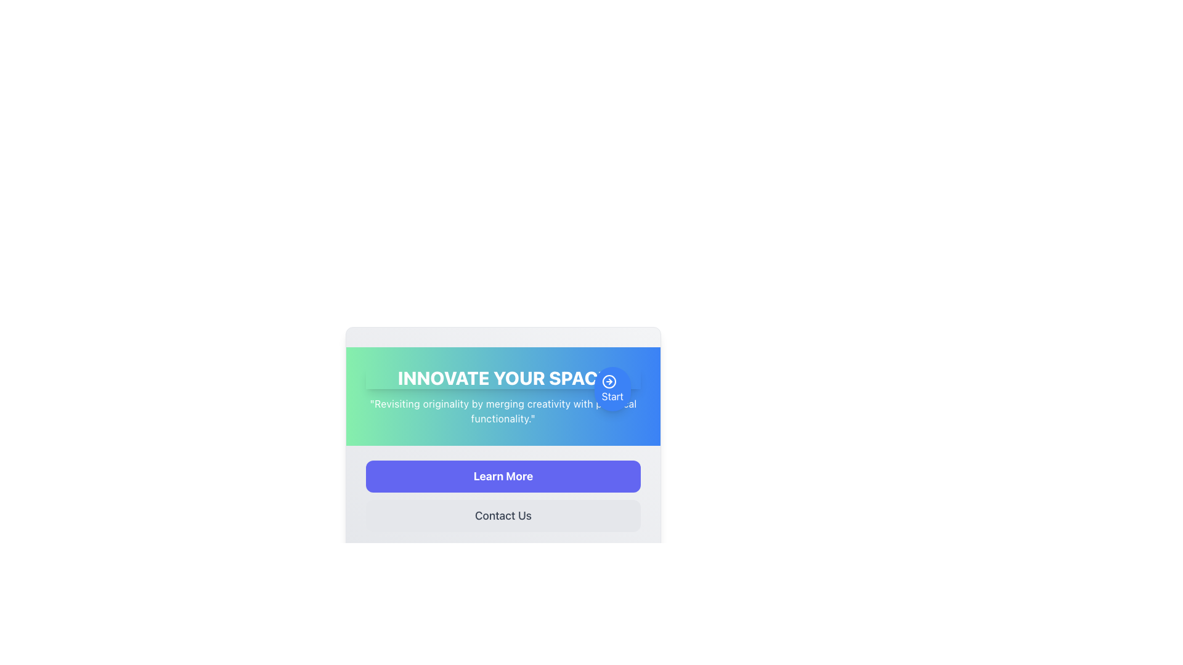 The image size is (1183, 665). Describe the element at coordinates (503, 515) in the screenshot. I see `the 'Contact Us' button, which is a rectangular button with rounded corners and dark gray text on a light gray background, positioned below the 'Learn More' button` at that location.